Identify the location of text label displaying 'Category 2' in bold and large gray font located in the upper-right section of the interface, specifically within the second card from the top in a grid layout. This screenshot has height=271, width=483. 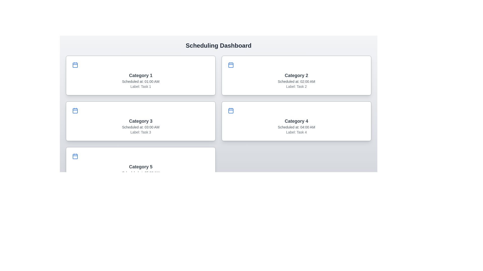
(296, 75).